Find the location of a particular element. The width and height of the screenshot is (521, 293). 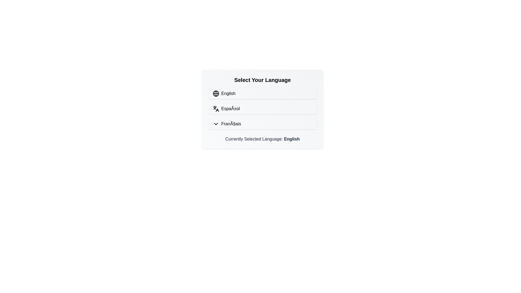

the static text label that displays 'English', which is bold and part of the sentence 'Currently Selected Language: English' is located at coordinates (291, 139).